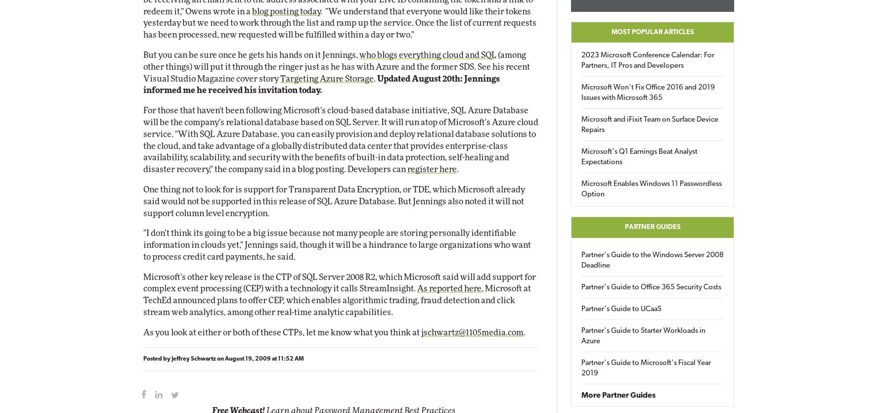 Image resolution: width=880 pixels, height=413 pixels. What do you see at coordinates (417, 288) in the screenshot?
I see `'As reported here'` at bounding box center [417, 288].